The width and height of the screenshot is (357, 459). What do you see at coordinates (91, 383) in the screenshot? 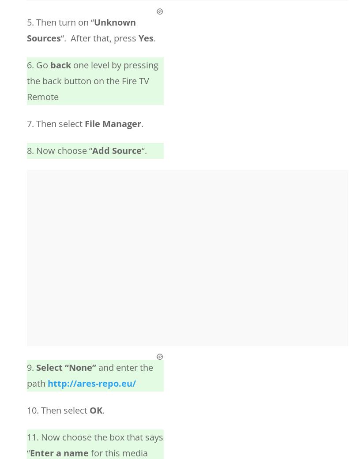
I see `'http://ares-repo.eu/'` at bounding box center [91, 383].